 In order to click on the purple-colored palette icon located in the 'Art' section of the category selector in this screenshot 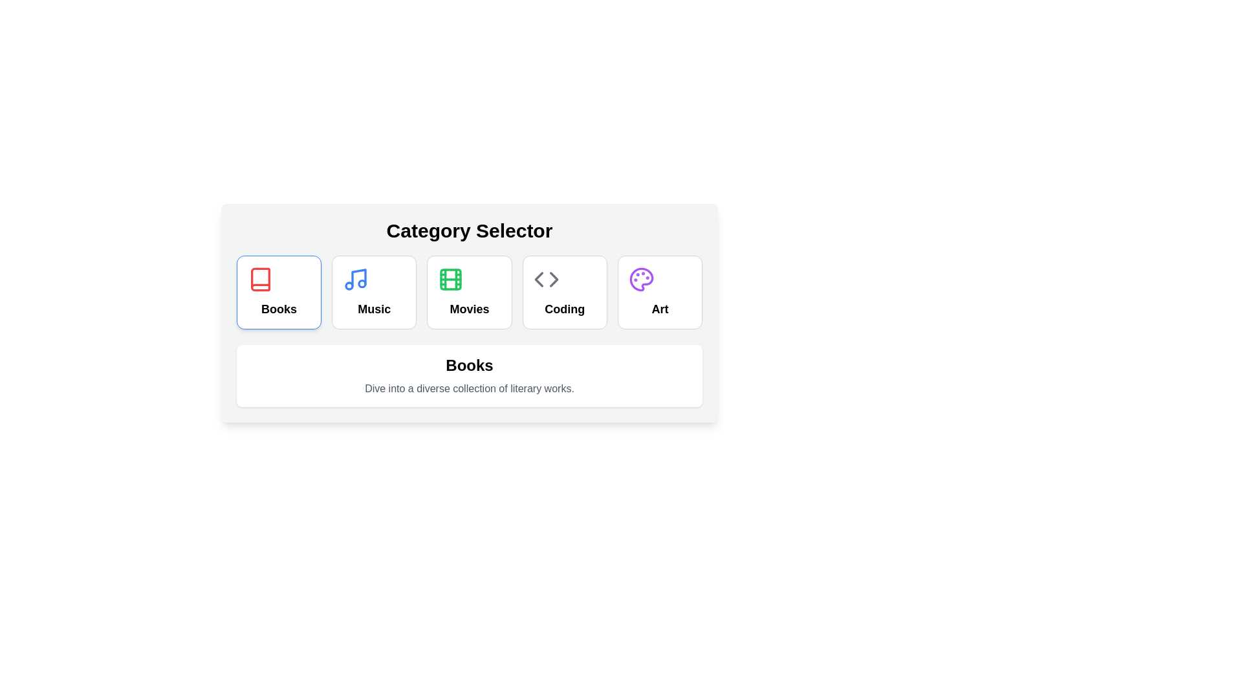, I will do `click(641, 279)`.